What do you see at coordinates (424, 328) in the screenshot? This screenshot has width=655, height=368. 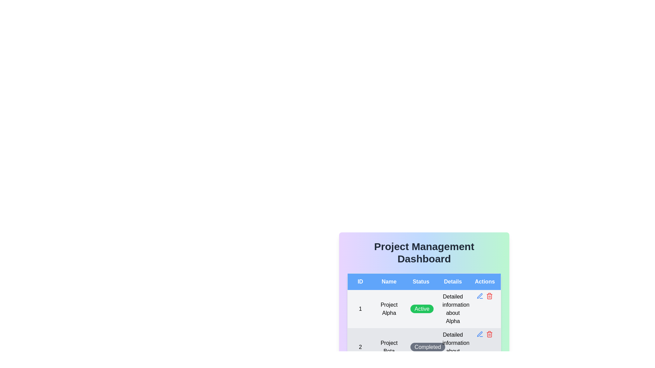 I see `the second row of the table displaying project data` at bounding box center [424, 328].